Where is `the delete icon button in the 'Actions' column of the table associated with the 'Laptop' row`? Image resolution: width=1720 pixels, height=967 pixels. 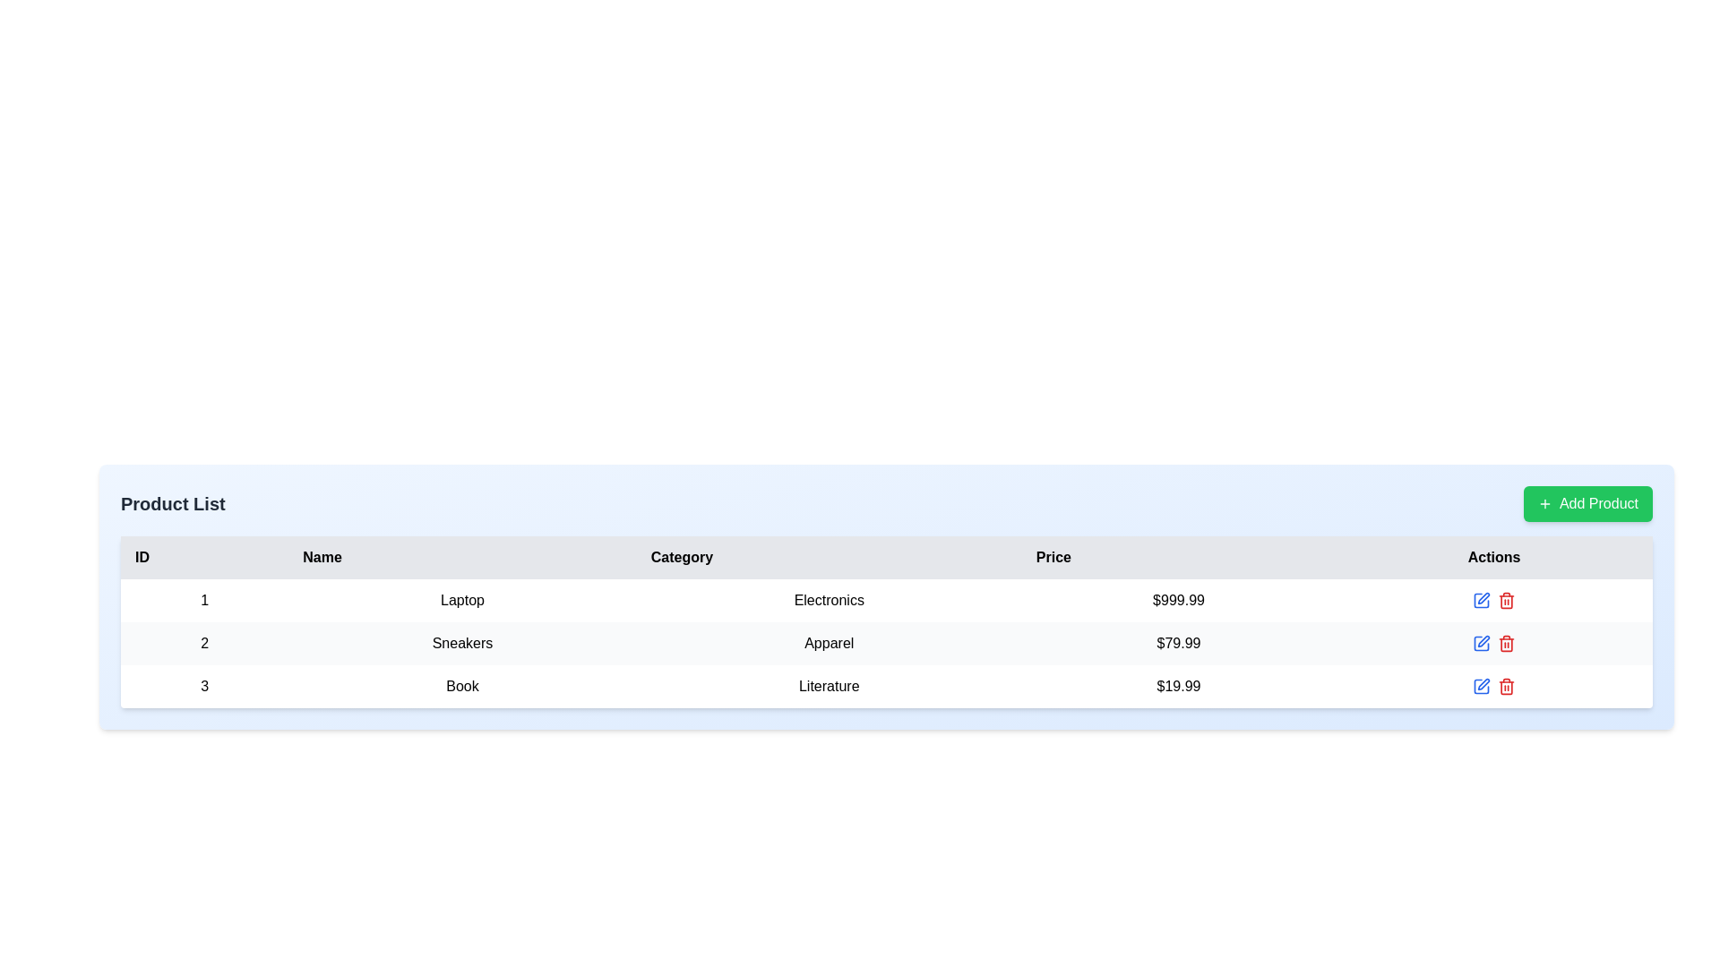 the delete icon button in the 'Actions' column of the table associated with the 'Laptop' row is located at coordinates (1505, 601).